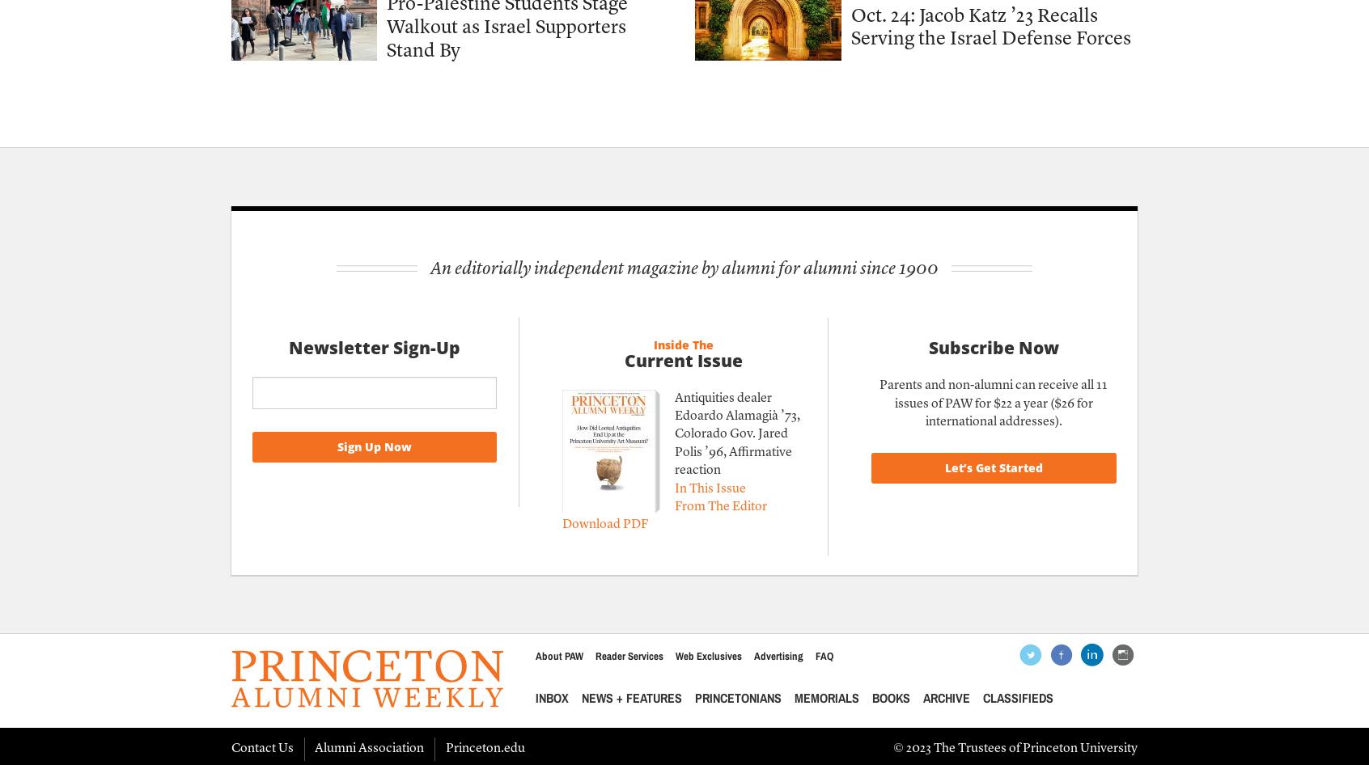 The width and height of the screenshot is (1369, 765). I want to click on 'Inbox', so click(551, 698).